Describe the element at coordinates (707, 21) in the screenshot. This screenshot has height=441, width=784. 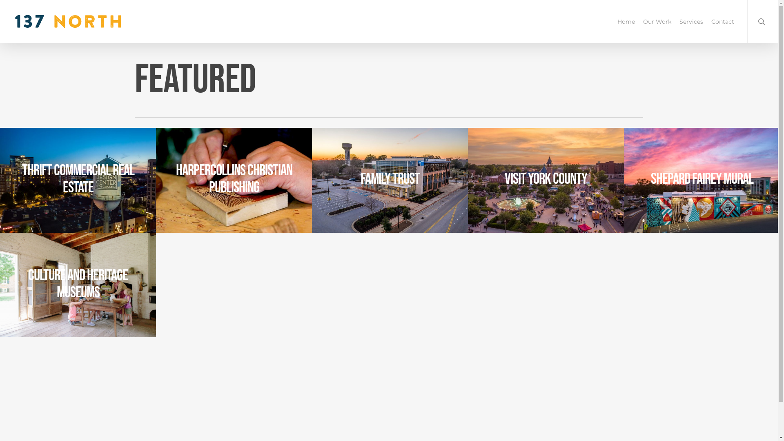
I see `'Contact'` at that location.